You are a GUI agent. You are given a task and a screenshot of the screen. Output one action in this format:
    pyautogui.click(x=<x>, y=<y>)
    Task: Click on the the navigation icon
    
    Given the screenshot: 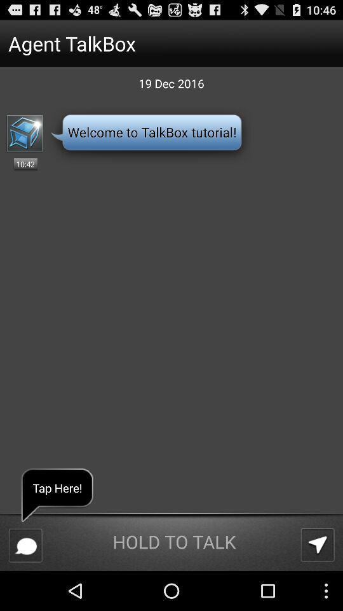 What is the action you would take?
    pyautogui.click(x=317, y=583)
    